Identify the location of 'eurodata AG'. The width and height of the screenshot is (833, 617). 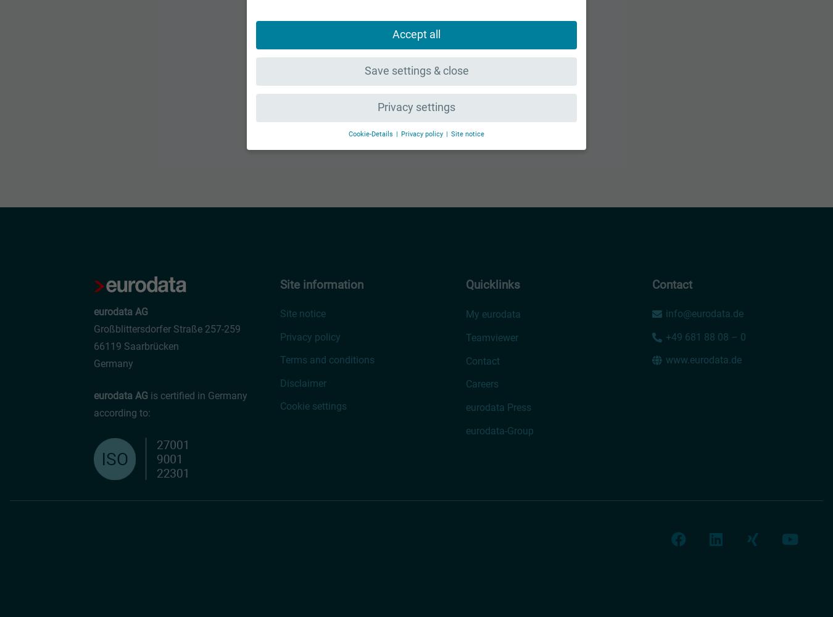
(121, 395).